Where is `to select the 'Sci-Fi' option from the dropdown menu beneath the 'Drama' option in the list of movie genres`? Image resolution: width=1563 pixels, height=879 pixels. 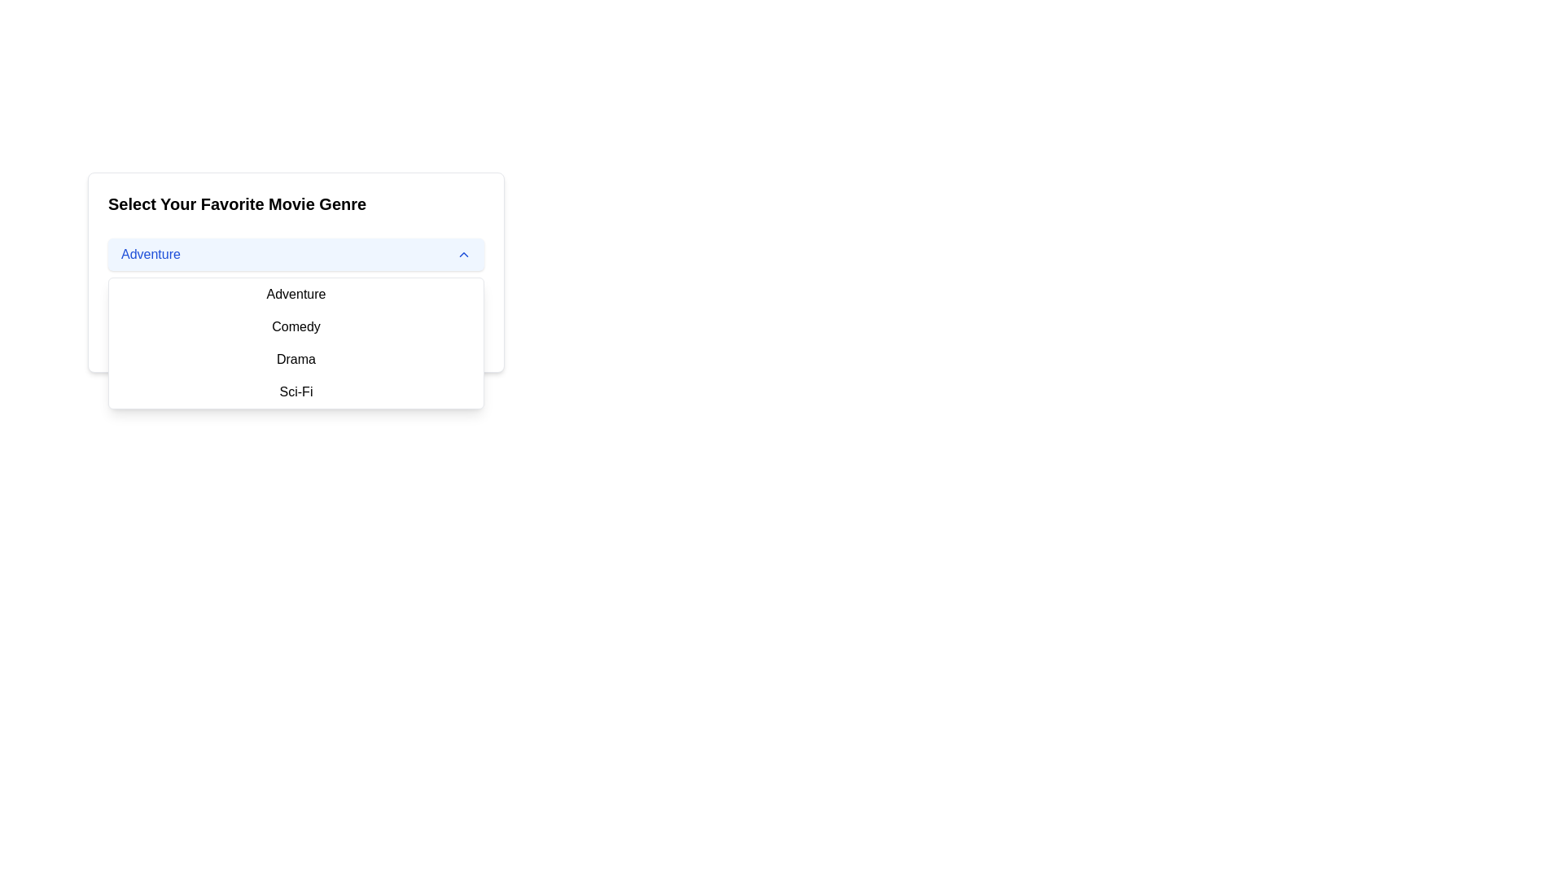 to select the 'Sci-Fi' option from the dropdown menu beneath the 'Drama' option in the list of movie genres is located at coordinates (296, 392).